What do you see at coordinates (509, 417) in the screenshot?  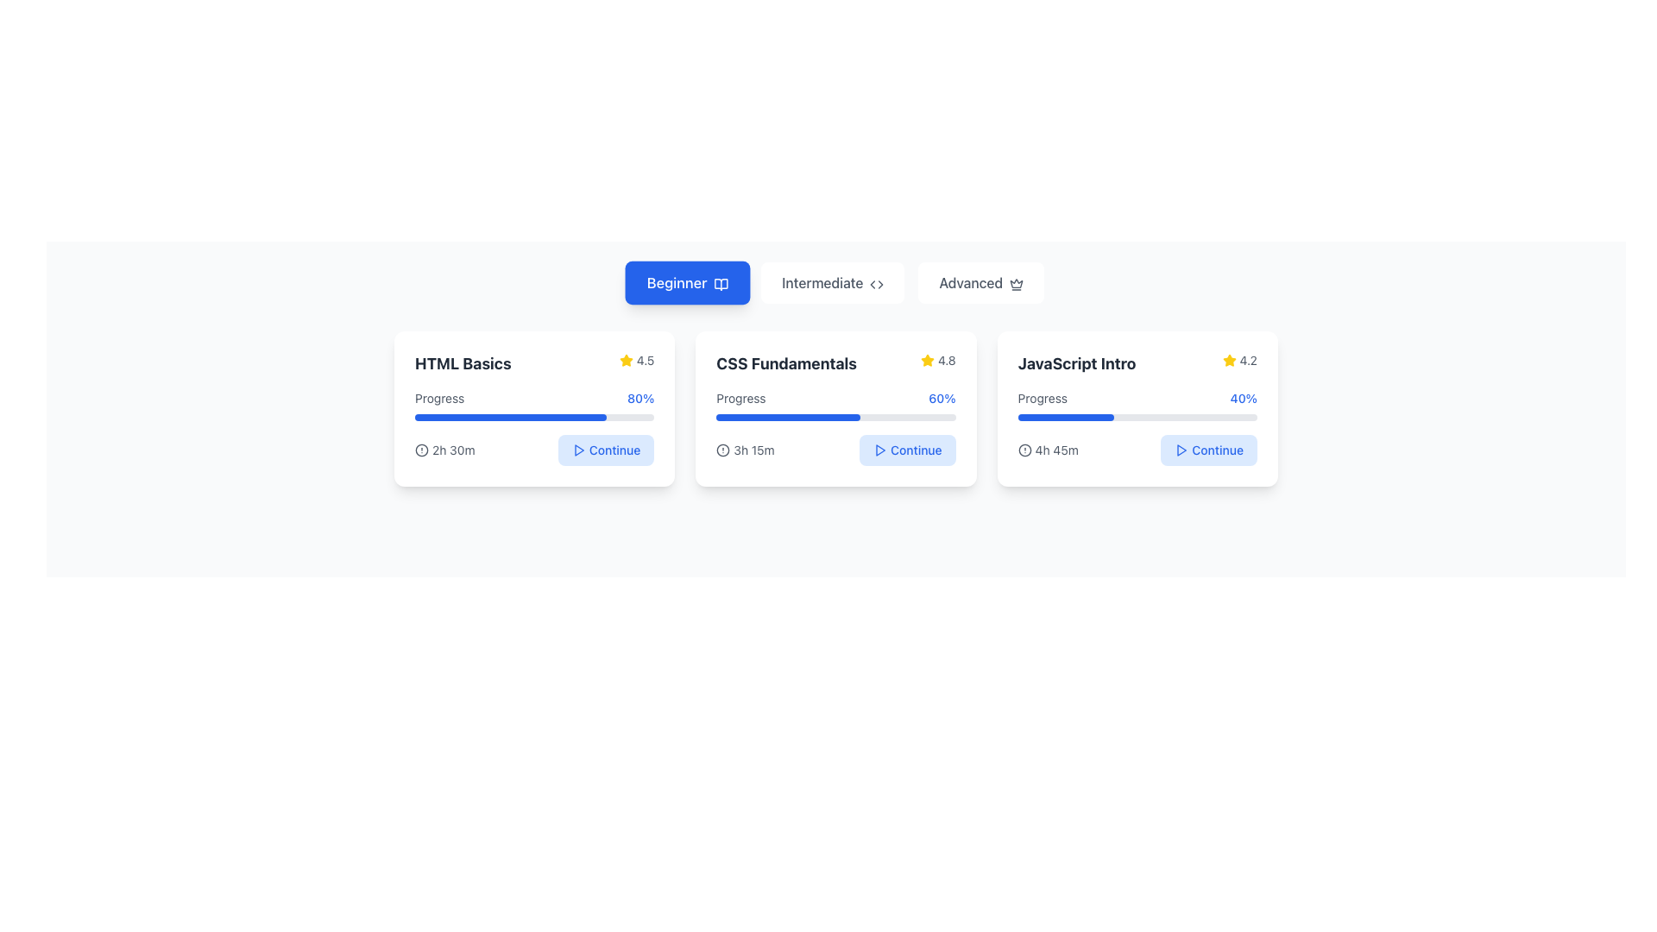 I see `the filled portion of the Progress Bar that displays 80% completion for the HTML Basics course, which is located below the 'Beginner' tab` at bounding box center [509, 417].